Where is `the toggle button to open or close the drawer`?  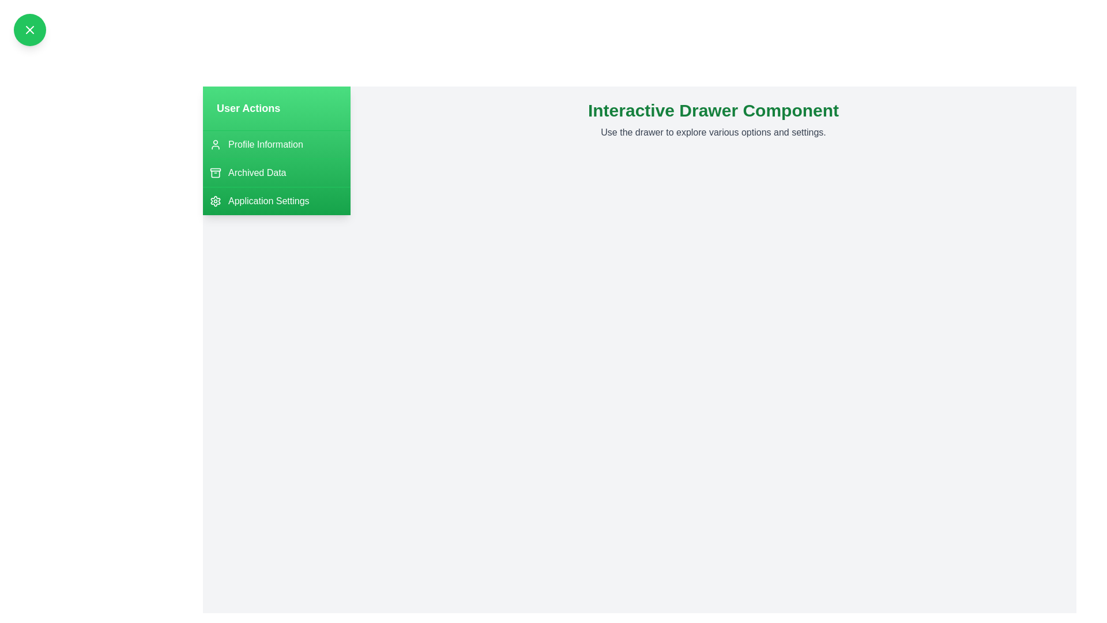
the toggle button to open or close the drawer is located at coordinates (30, 29).